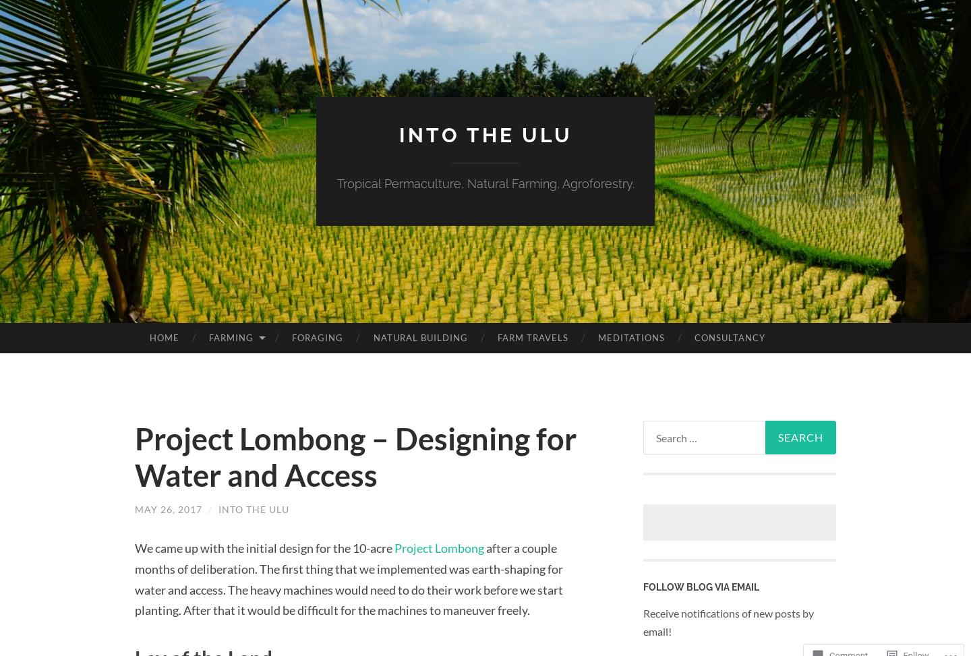 The width and height of the screenshot is (971, 656). I want to click on 'Project Lombong', so click(438, 547).